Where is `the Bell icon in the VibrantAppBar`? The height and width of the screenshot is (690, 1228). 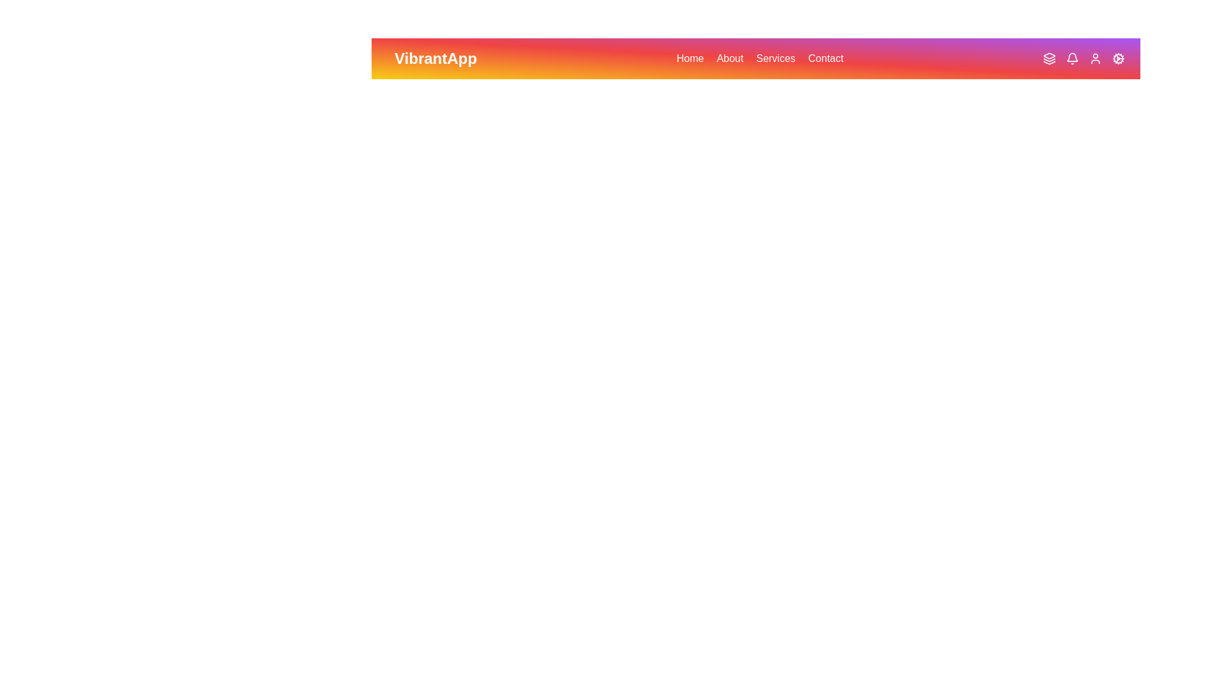 the Bell icon in the VibrantAppBar is located at coordinates (1072, 59).